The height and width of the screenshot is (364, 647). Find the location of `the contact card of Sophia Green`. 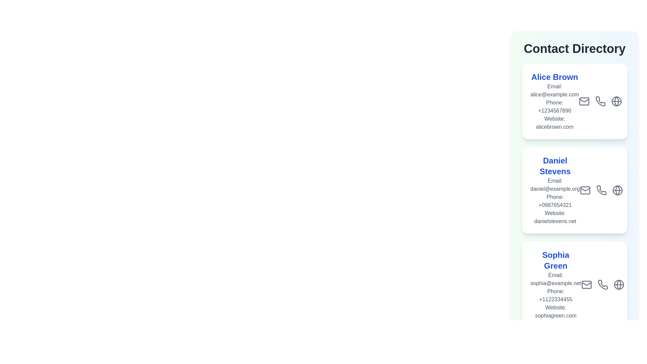

the contact card of Sophia Green is located at coordinates (574, 284).